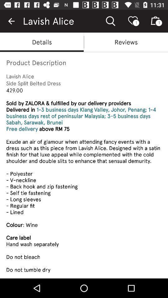  What do you see at coordinates (126, 42) in the screenshot?
I see `item below the lavish alice icon` at bounding box center [126, 42].